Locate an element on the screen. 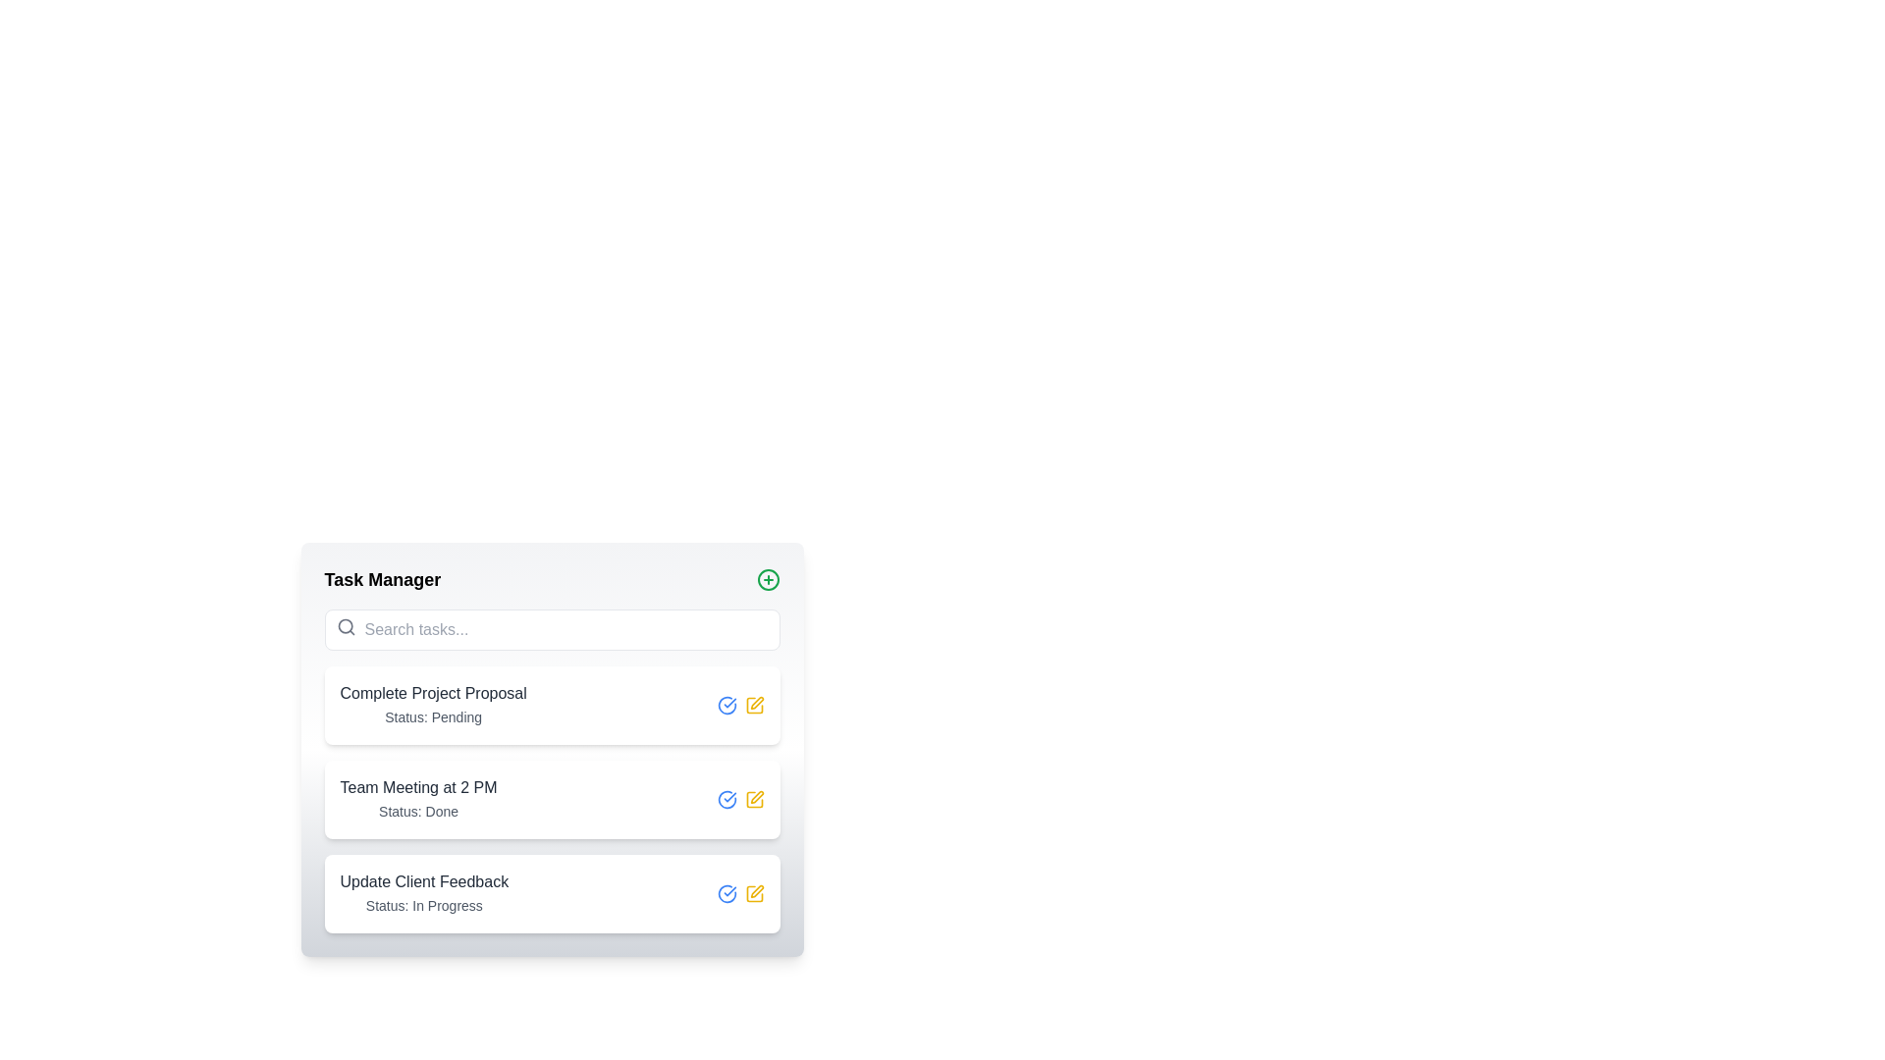  the first icon button located to the right of the text 'Update Client Feedback' in the third visible list item to mark the task as complete is located at coordinates (726, 893).